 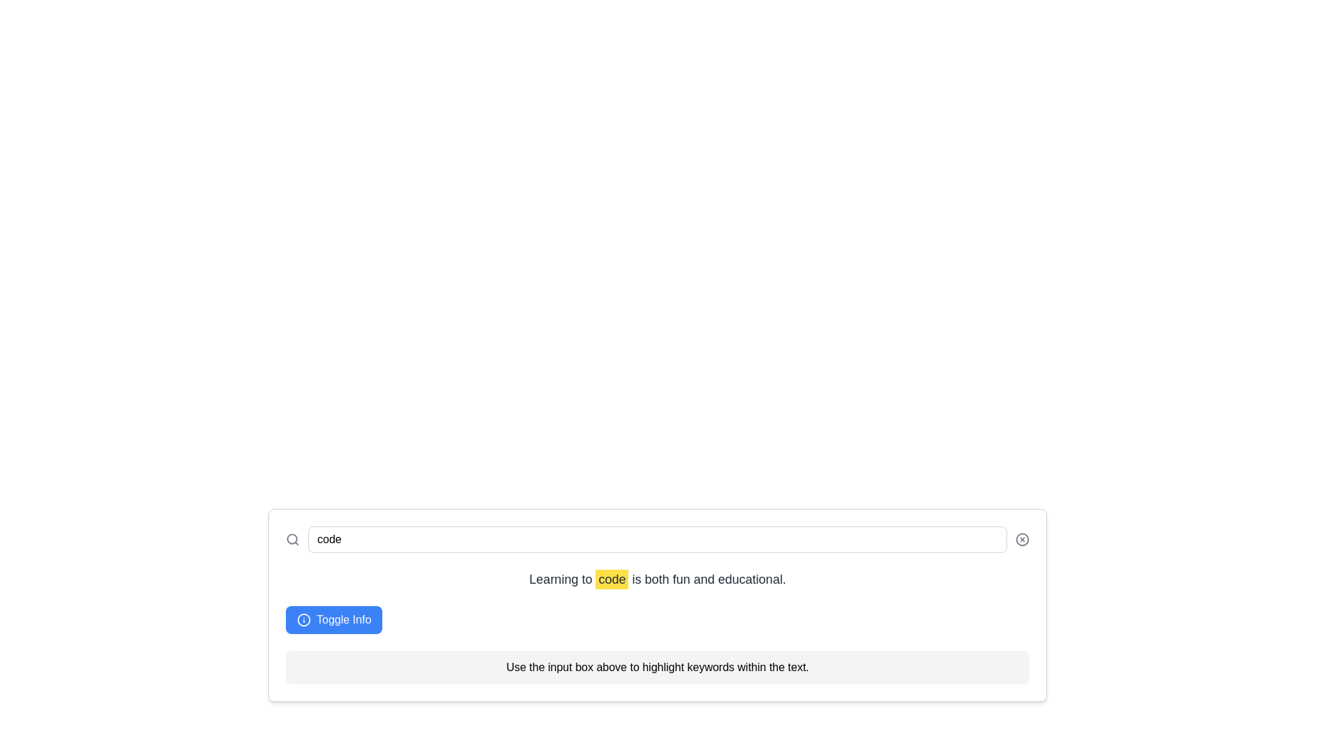 I want to click on the Text Label that has a light gray background, rounded corners, and contains the text 'Use the input box above, so click(x=656, y=667).